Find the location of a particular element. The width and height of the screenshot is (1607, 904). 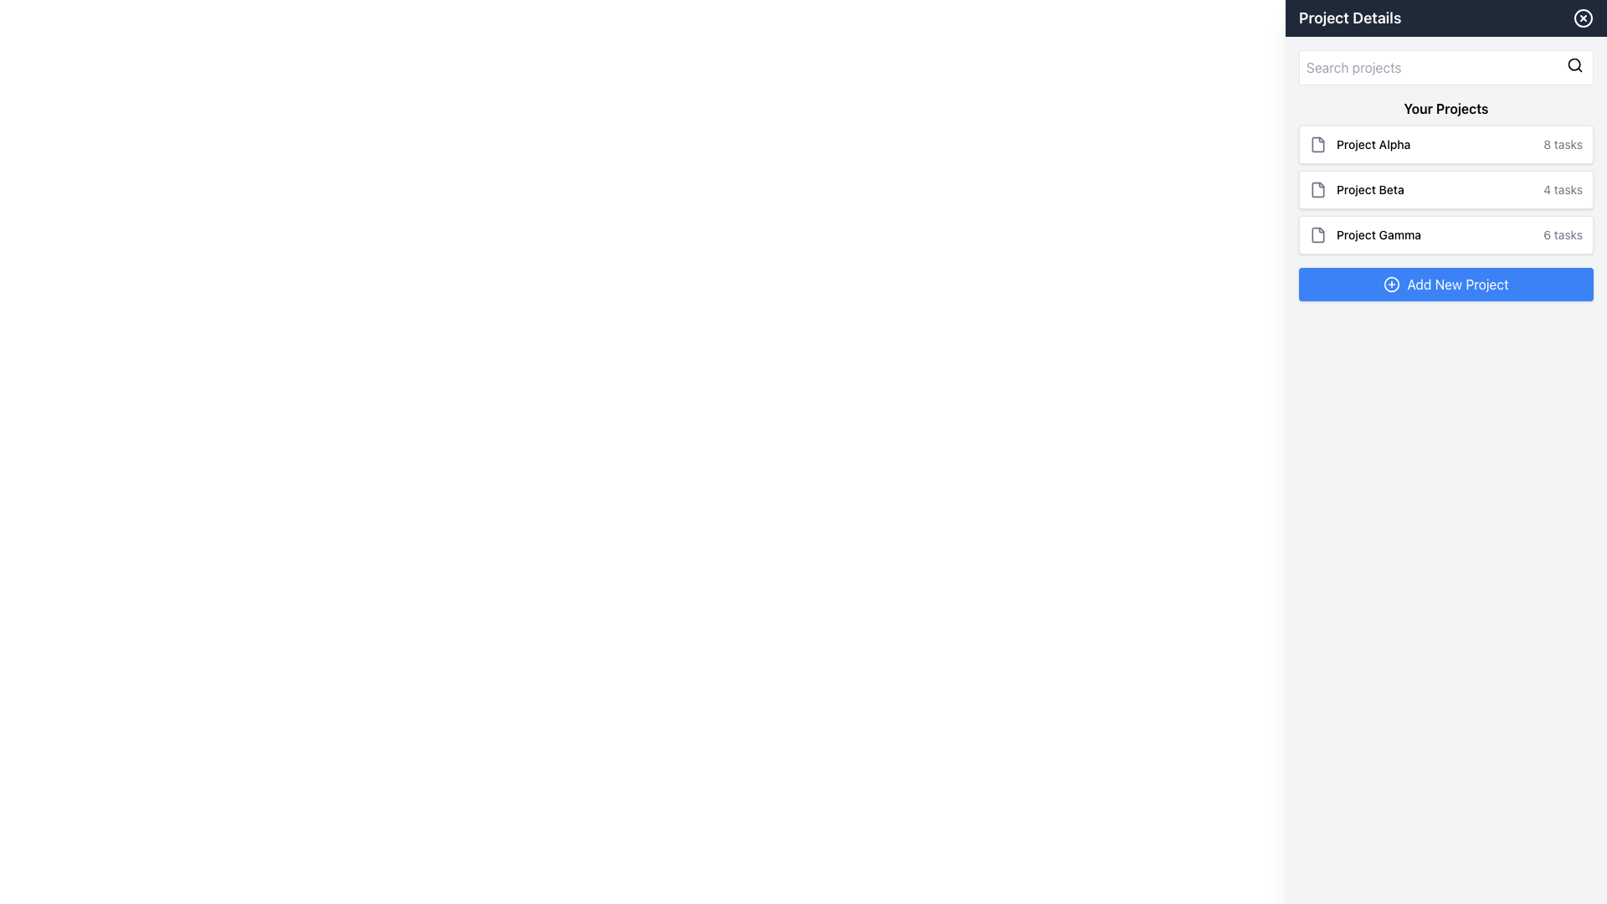

the text label at the top of the sidebar which serves as a header for the section beneath it is located at coordinates (1350, 18).